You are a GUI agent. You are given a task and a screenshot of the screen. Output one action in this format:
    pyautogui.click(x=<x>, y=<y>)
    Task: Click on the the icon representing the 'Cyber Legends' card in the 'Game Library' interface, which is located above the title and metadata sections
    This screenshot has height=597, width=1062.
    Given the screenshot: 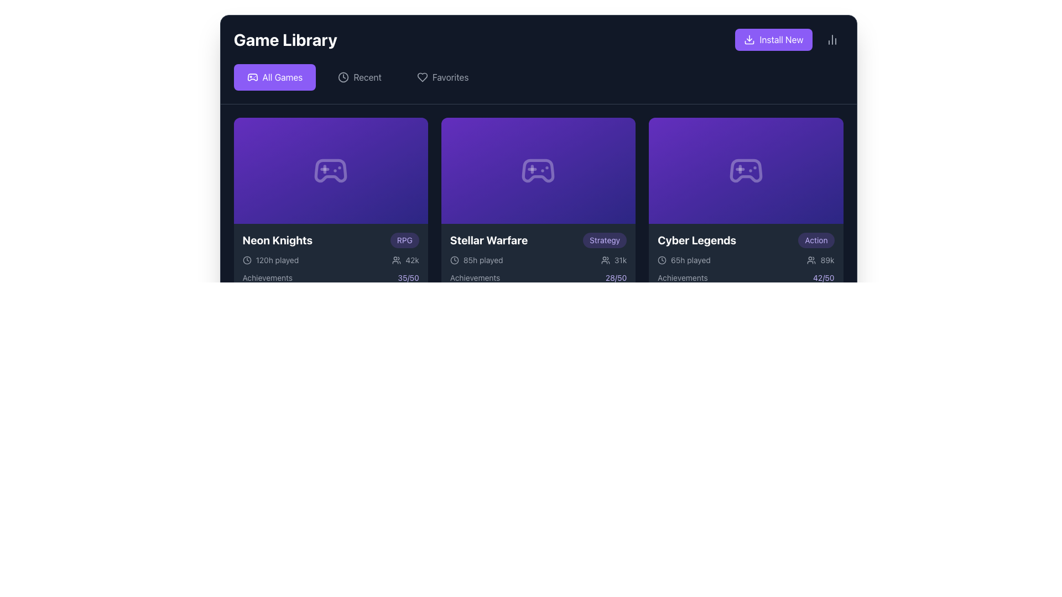 What is the action you would take?
    pyautogui.click(x=746, y=170)
    